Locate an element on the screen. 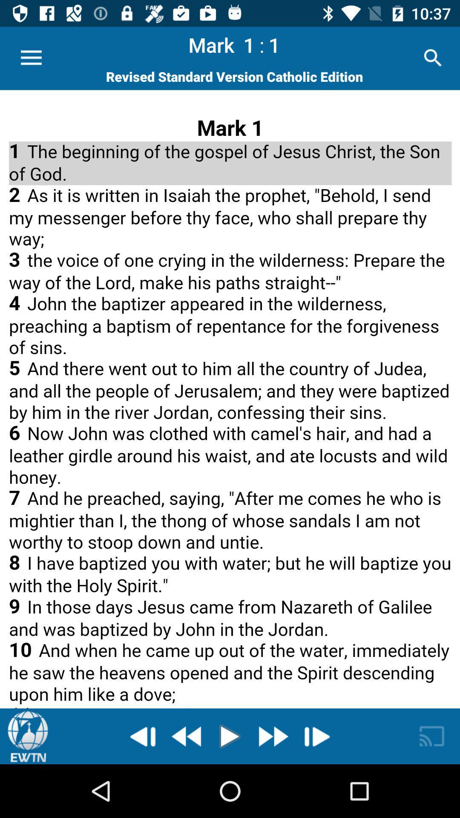  the av_rewind icon is located at coordinates (187, 736).